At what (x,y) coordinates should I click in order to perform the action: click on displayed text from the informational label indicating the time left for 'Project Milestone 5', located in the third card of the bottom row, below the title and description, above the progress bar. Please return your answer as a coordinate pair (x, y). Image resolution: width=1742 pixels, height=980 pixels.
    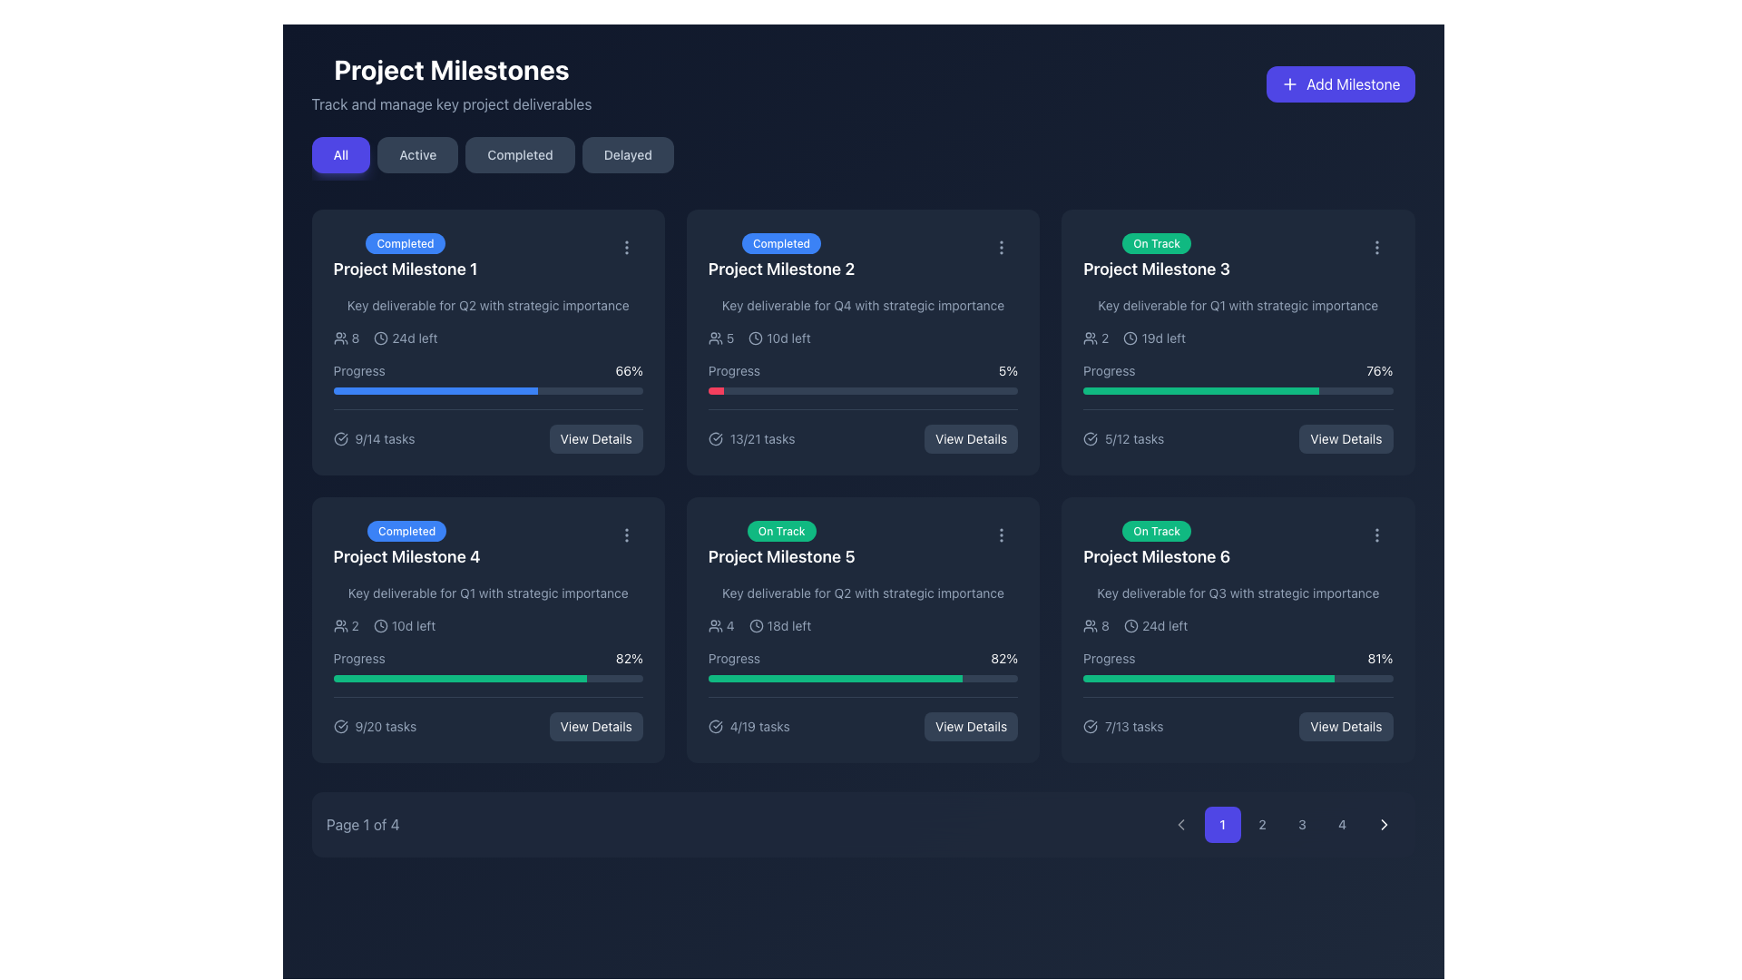
    Looking at the image, I should click on (779, 625).